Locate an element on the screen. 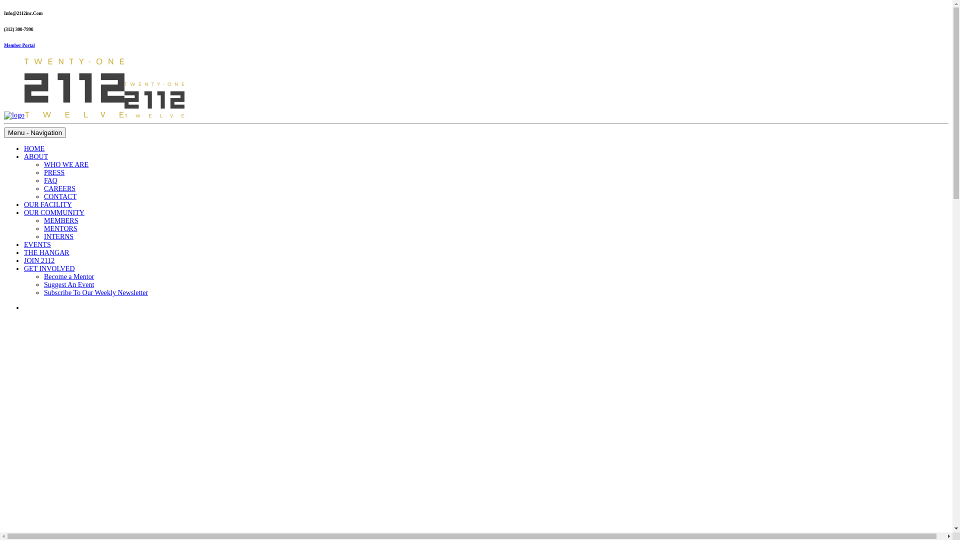 The height and width of the screenshot is (540, 960). 'Subscribe To Our Weekly Newsletter' is located at coordinates (96, 292).